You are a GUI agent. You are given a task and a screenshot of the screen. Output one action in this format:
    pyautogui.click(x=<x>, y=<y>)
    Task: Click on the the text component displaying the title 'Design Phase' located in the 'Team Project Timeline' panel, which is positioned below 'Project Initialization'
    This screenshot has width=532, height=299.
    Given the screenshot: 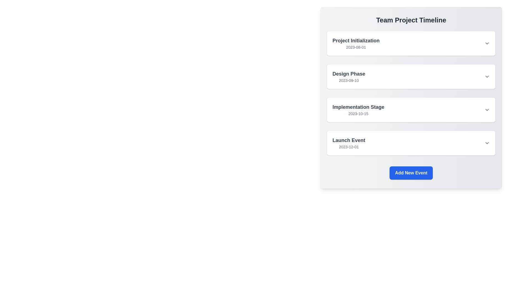 What is the action you would take?
    pyautogui.click(x=348, y=77)
    